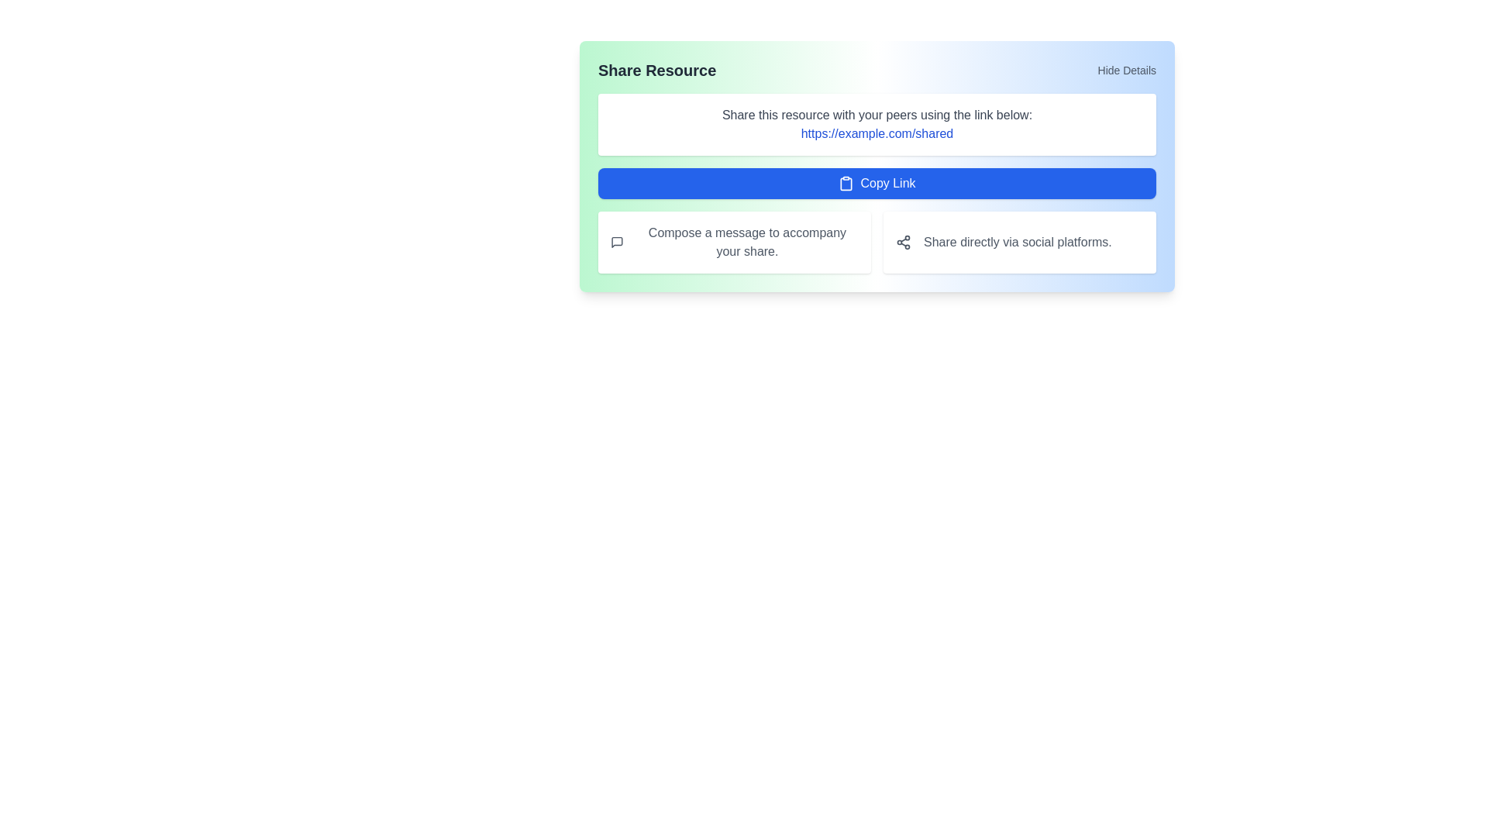 The image size is (1488, 837). I want to click on the chat bubble icon located at the bottom-left corner of the 'Compose a message to accompany your share.' section, so click(616, 242).